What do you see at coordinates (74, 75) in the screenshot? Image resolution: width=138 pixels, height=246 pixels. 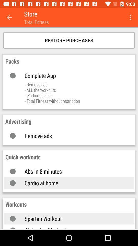 I see `the complete app` at bounding box center [74, 75].